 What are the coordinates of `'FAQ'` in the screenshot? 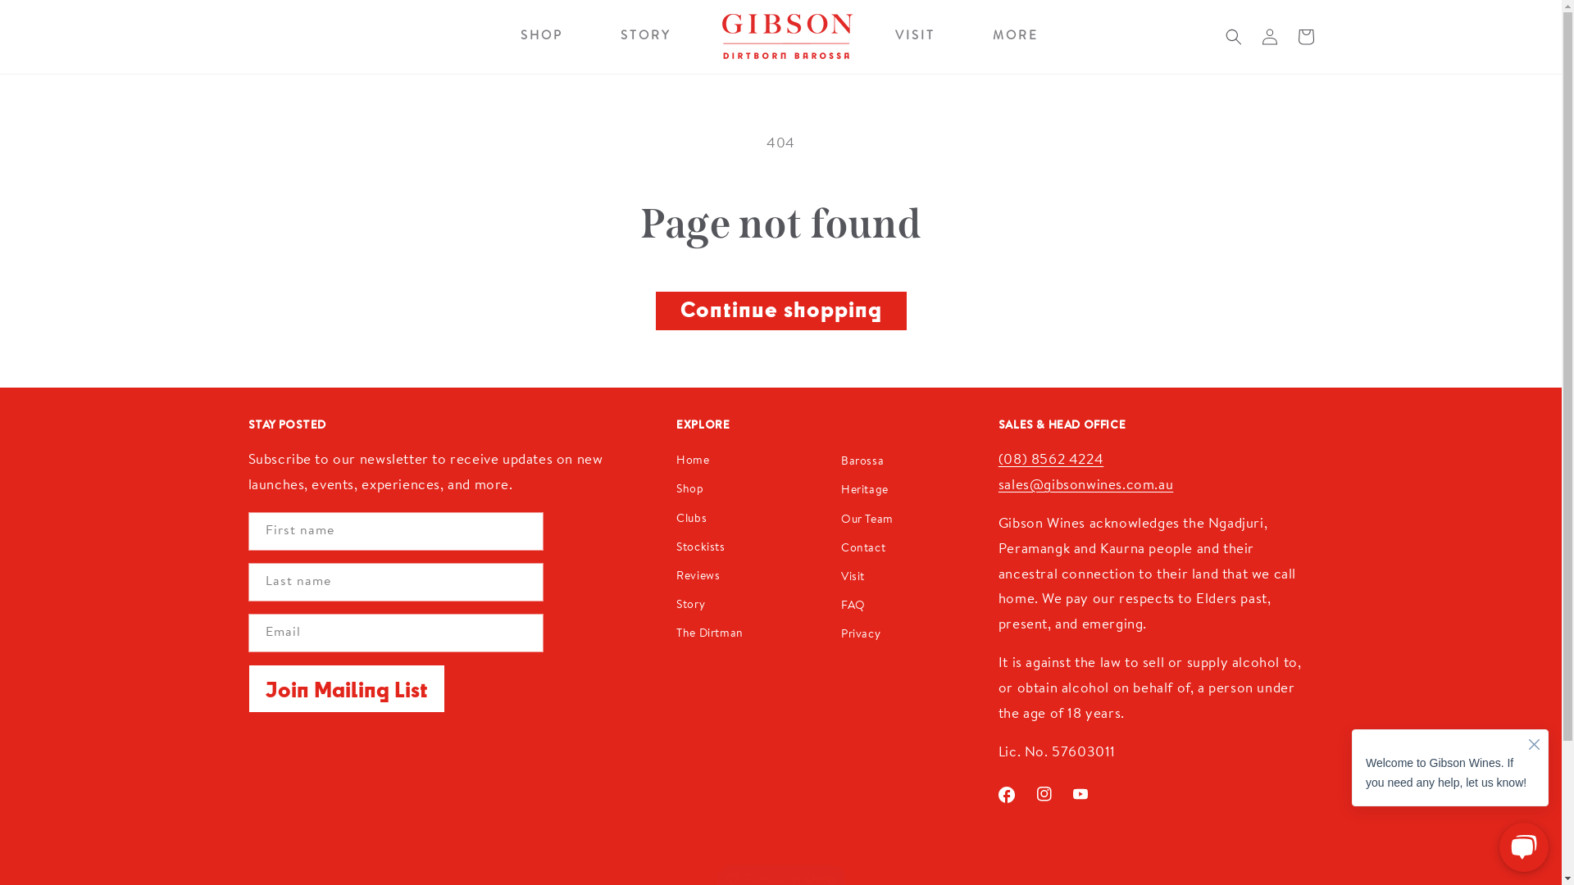 It's located at (853, 606).